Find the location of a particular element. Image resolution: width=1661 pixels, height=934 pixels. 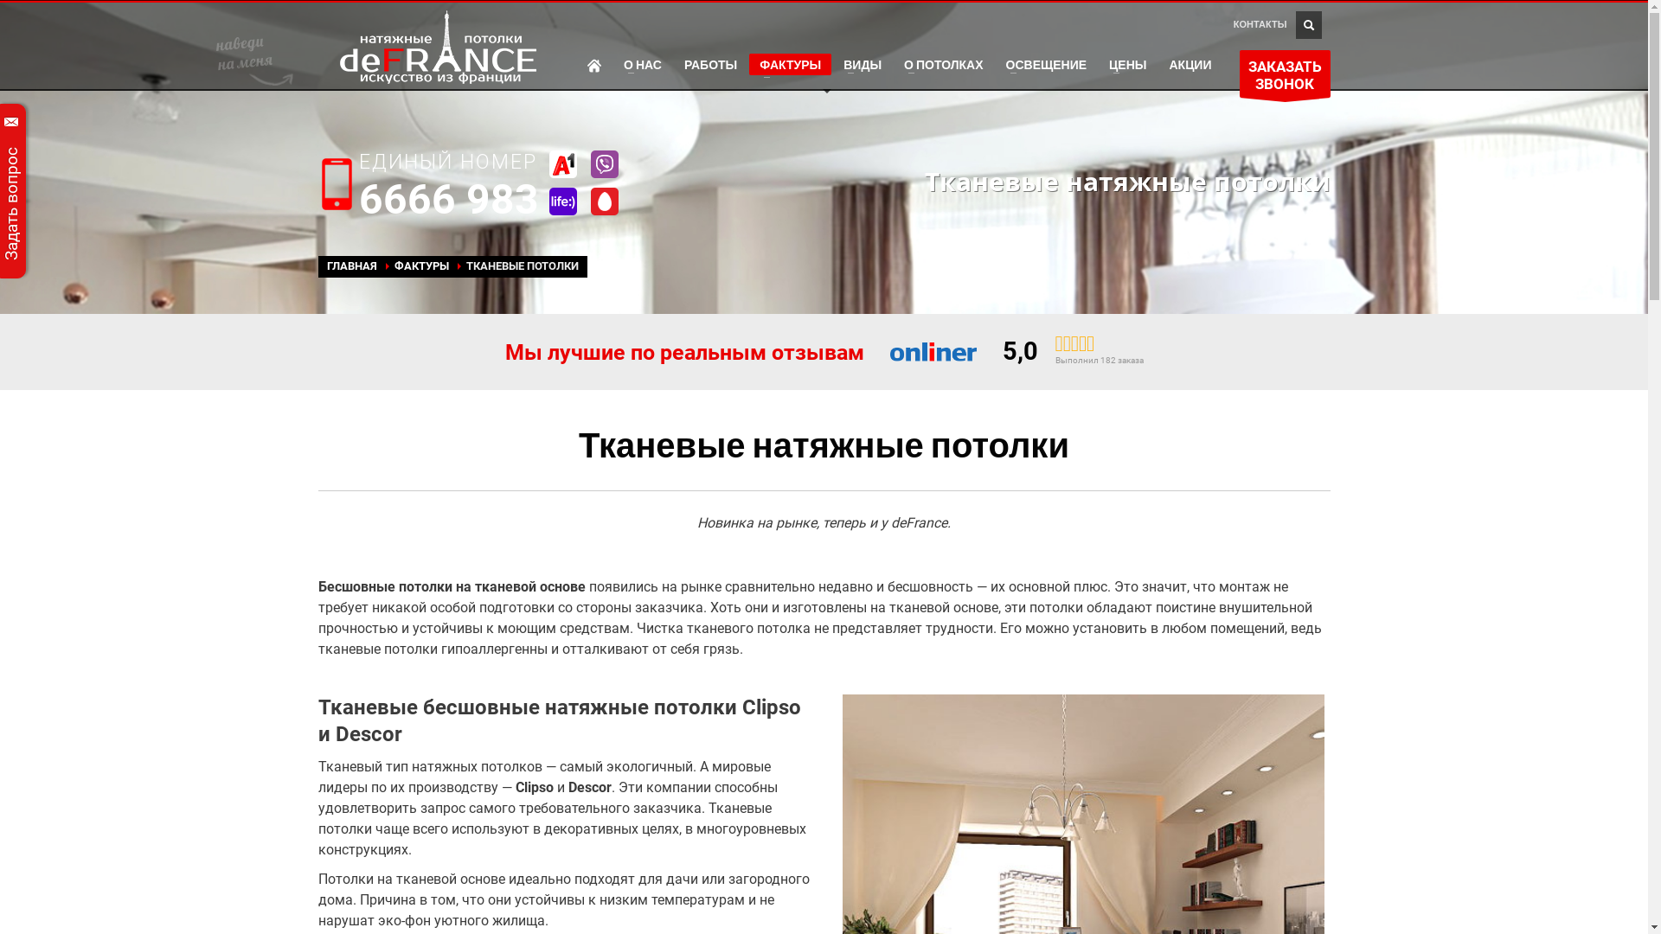

'Call us' is located at coordinates (337, 183).